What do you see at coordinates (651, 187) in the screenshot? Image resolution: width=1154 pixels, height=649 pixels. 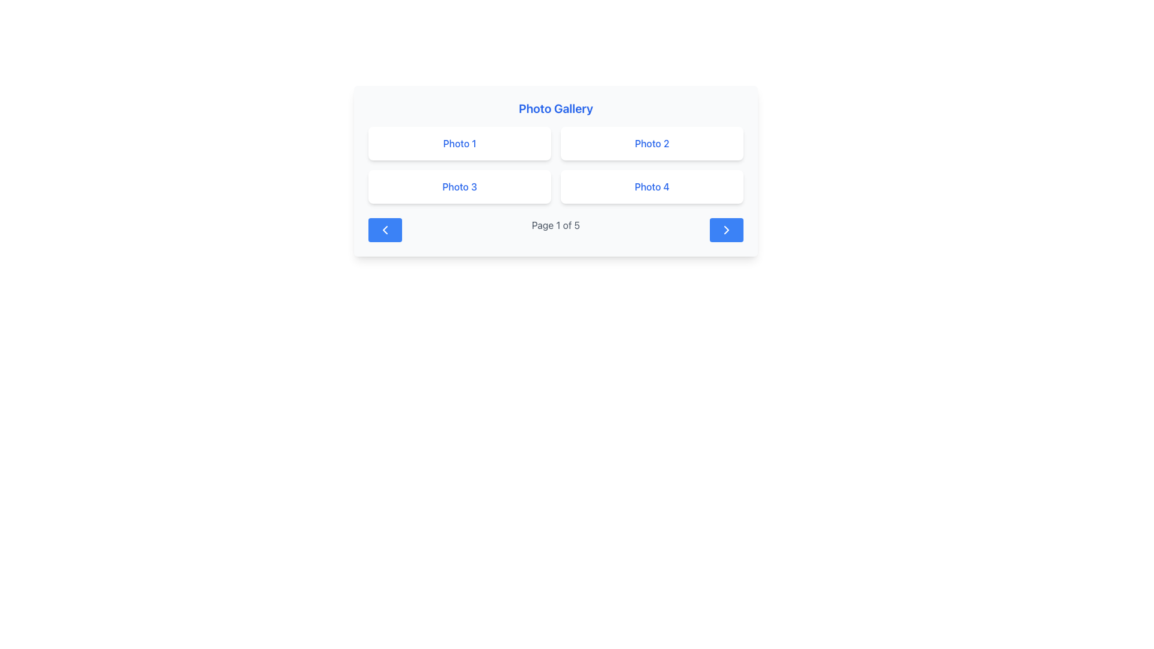 I see `the text label identifying the fourth photo in the gallery interface, located in the bottom right position of the 2x2 grid` at bounding box center [651, 187].